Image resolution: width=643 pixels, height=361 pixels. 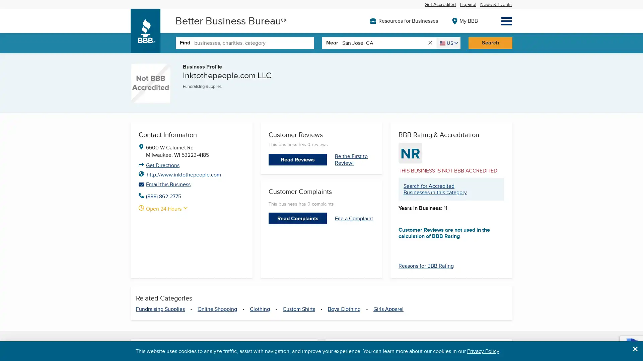 I want to click on clear search, so click(x=430, y=42).